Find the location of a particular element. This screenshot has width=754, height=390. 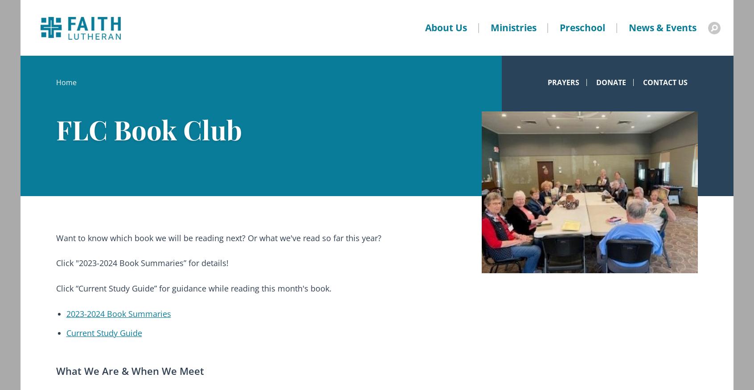

'Want to know which book we will be reading next? Or what we've read so far this year?' is located at coordinates (218, 237).